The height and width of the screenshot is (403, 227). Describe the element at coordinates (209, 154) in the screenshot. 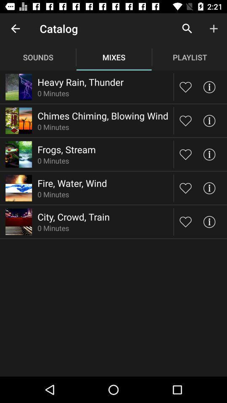

I see `the information` at that location.